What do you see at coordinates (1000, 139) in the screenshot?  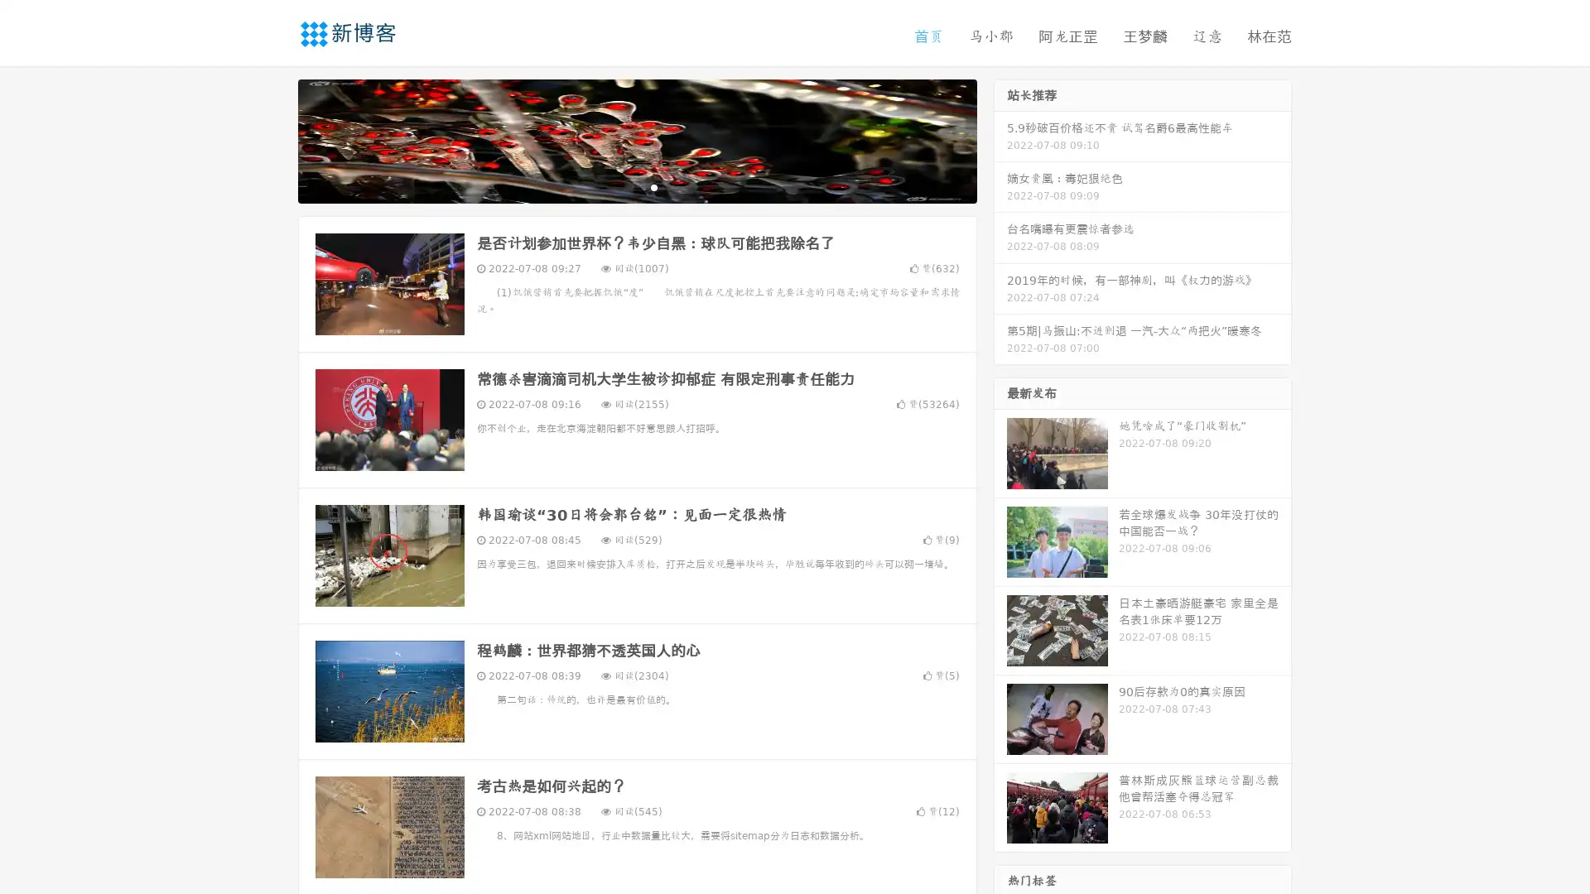 I see `Next slide` at bounding box center [1000, 139].